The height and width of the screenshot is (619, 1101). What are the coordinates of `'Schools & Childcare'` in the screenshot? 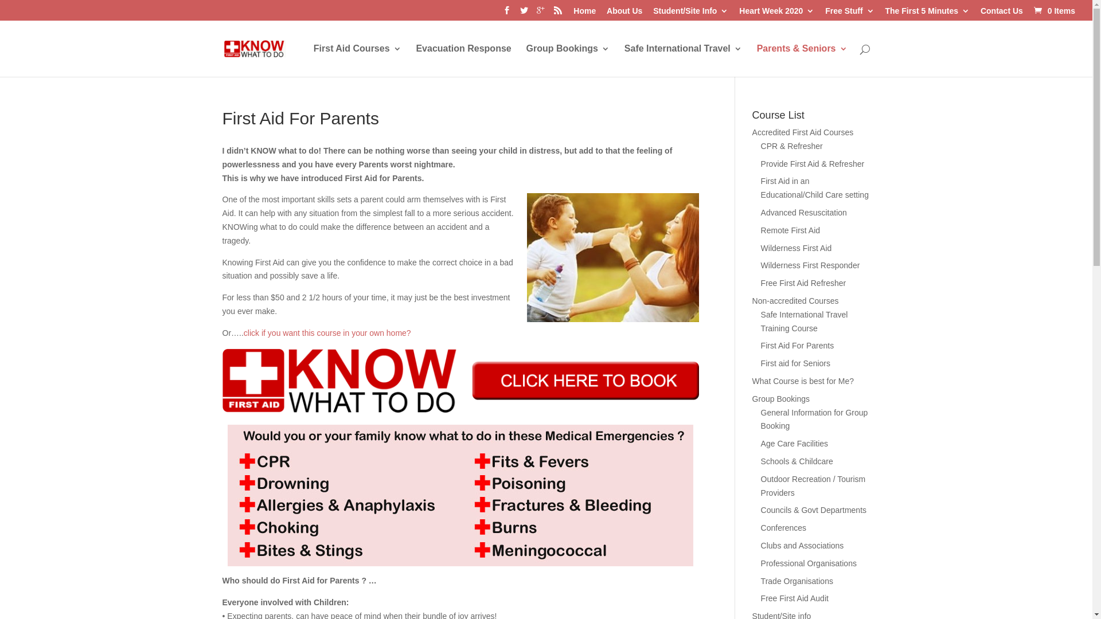 It's located at (797, 461).